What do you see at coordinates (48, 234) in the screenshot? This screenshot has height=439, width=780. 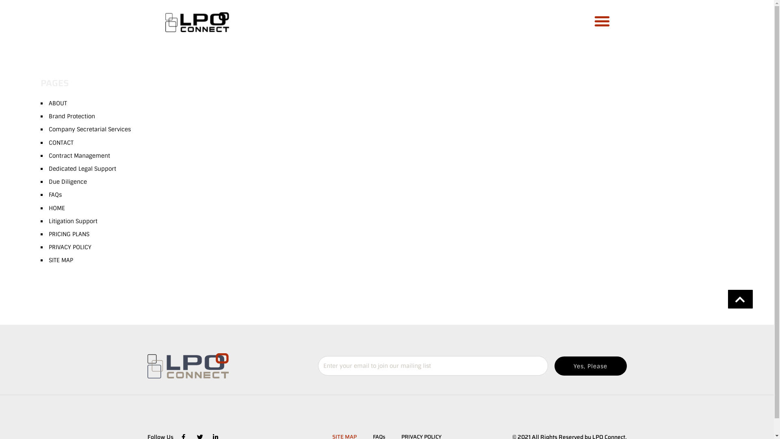 I see `'PRICING PLANS'` at bounding box center [48, 234].